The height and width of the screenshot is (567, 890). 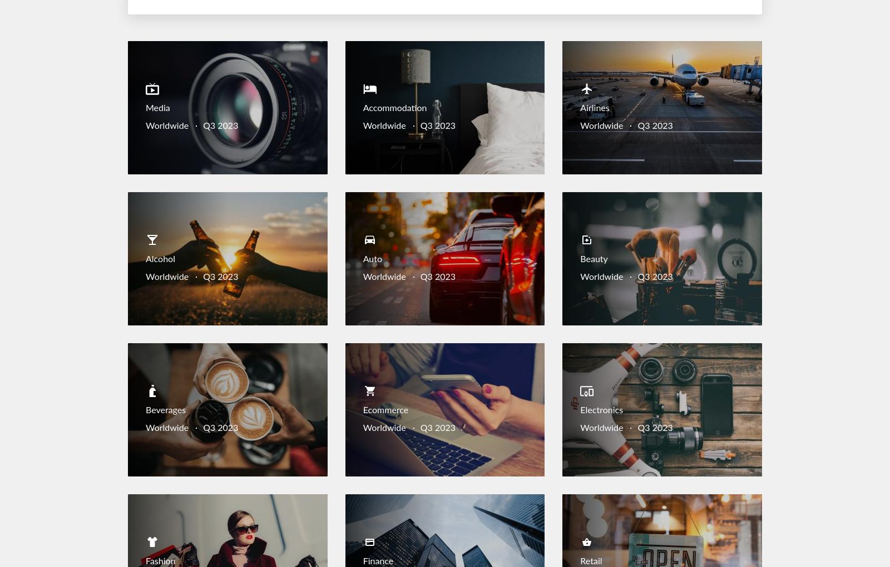 What do you see at coordinates (372, 259) in the screenshot?
I see `'Auto'` at bounding box center [372, 259].